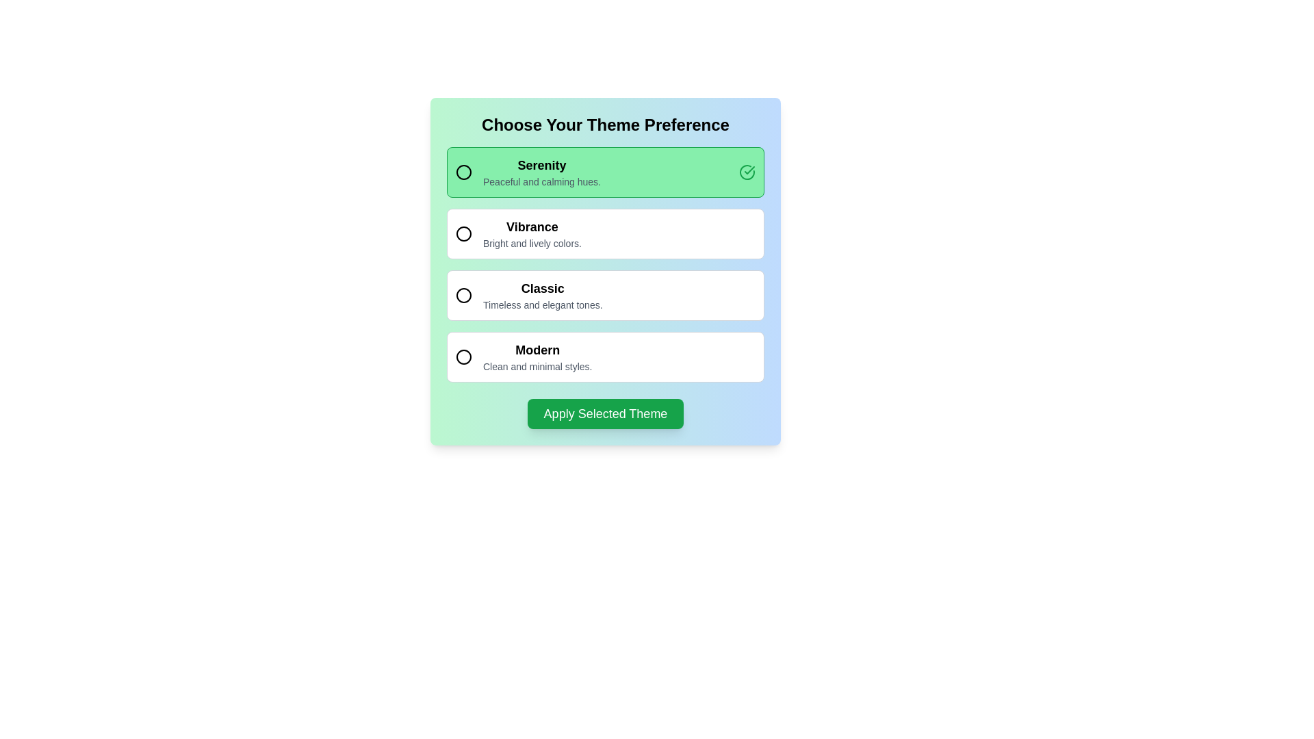 The height and width of the screenshot is (739, 1314). I want to click on the center of the radio button icon, so click(463, 233).